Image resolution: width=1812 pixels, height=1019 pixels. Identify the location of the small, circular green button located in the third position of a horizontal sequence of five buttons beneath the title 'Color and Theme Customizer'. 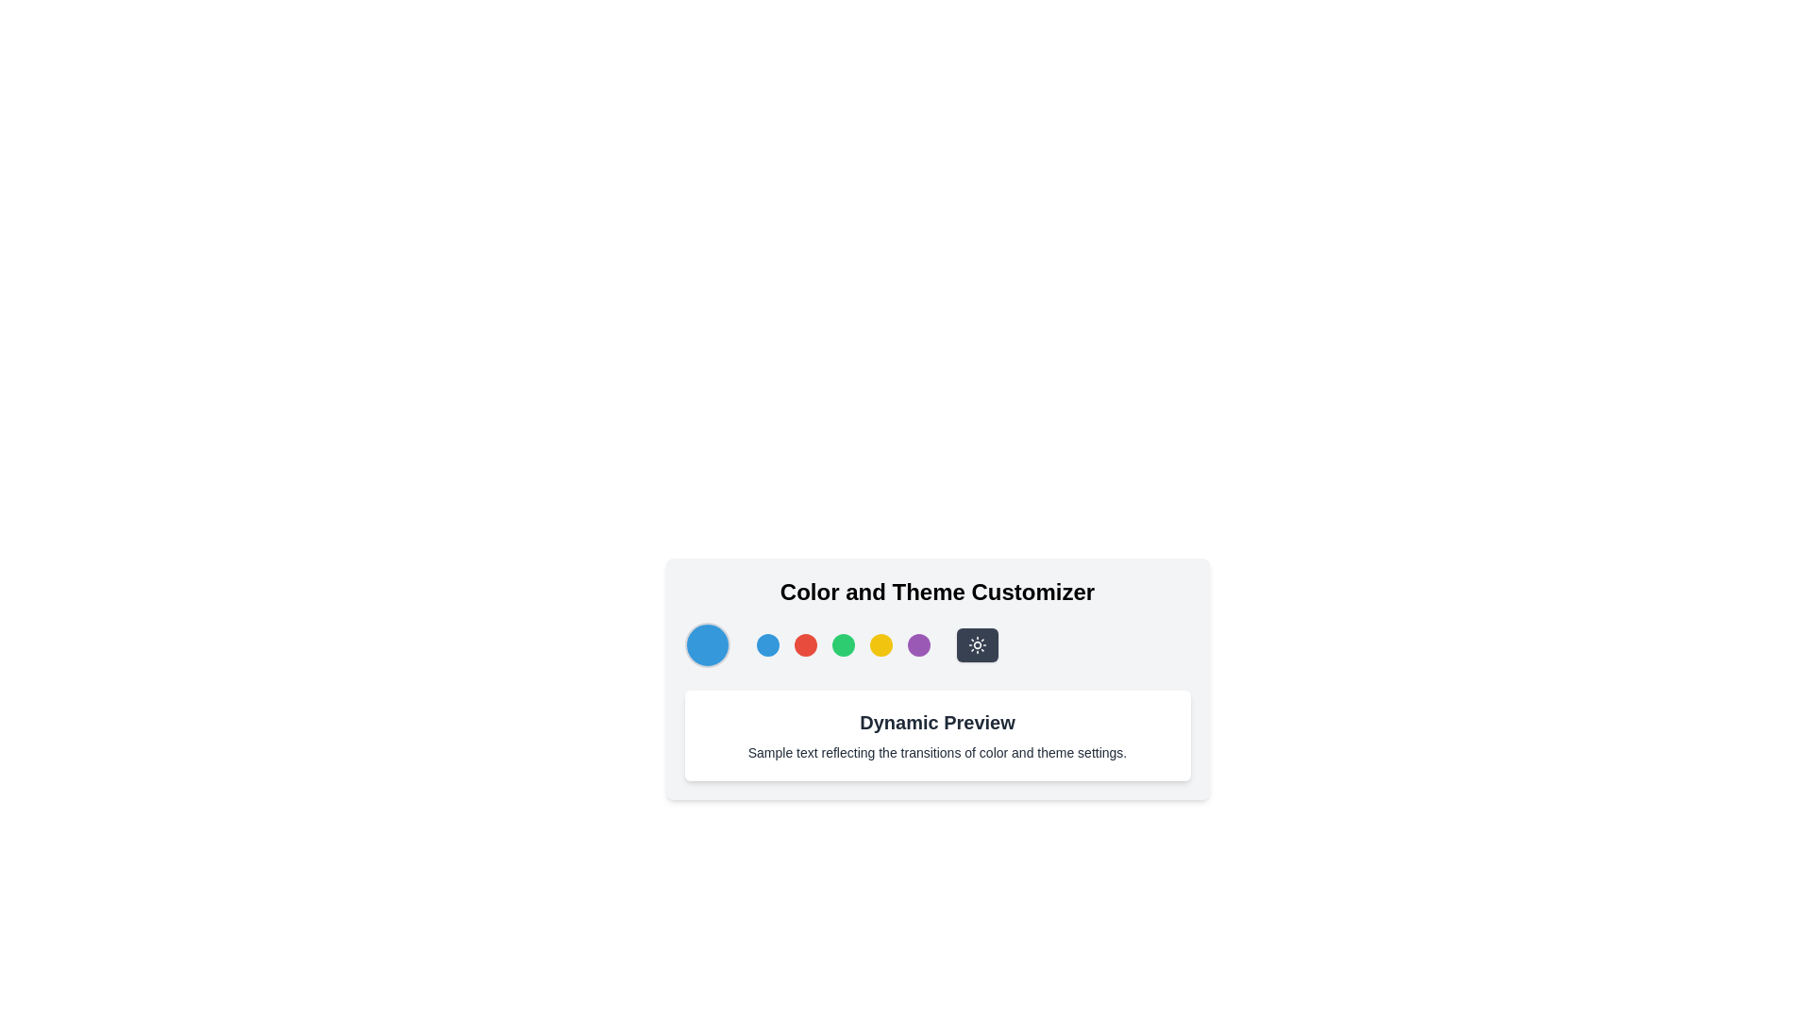
(842, 643).